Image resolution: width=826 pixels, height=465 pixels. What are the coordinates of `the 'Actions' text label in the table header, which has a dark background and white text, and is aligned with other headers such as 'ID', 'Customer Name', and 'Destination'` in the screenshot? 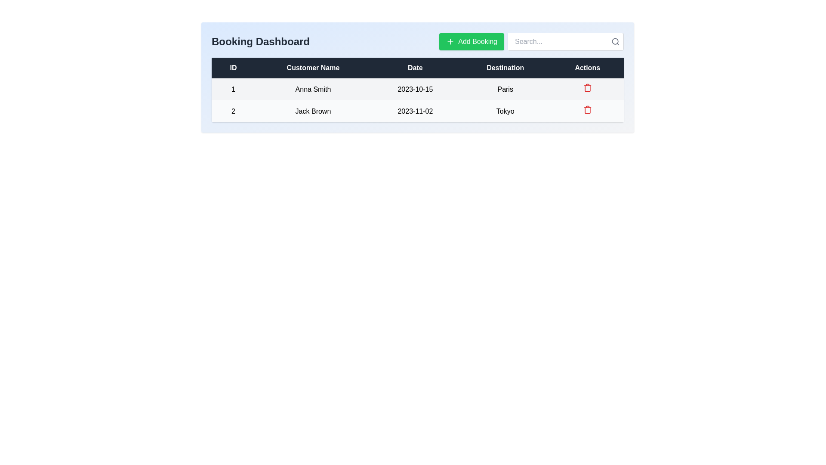 It's located at (587, 68).